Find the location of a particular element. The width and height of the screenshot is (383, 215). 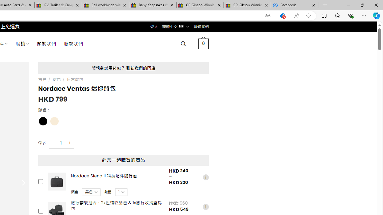

'  0  ' is located at coordinates (203, 43).